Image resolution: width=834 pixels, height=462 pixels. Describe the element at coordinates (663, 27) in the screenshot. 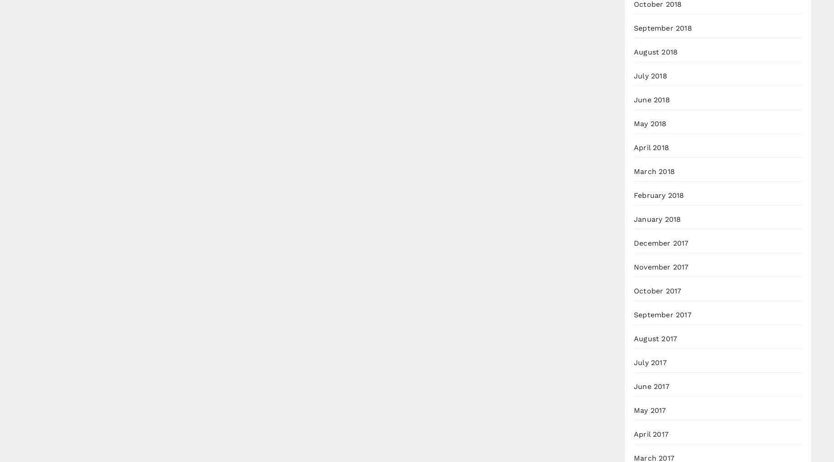

I see `'September 2018'` at that location.